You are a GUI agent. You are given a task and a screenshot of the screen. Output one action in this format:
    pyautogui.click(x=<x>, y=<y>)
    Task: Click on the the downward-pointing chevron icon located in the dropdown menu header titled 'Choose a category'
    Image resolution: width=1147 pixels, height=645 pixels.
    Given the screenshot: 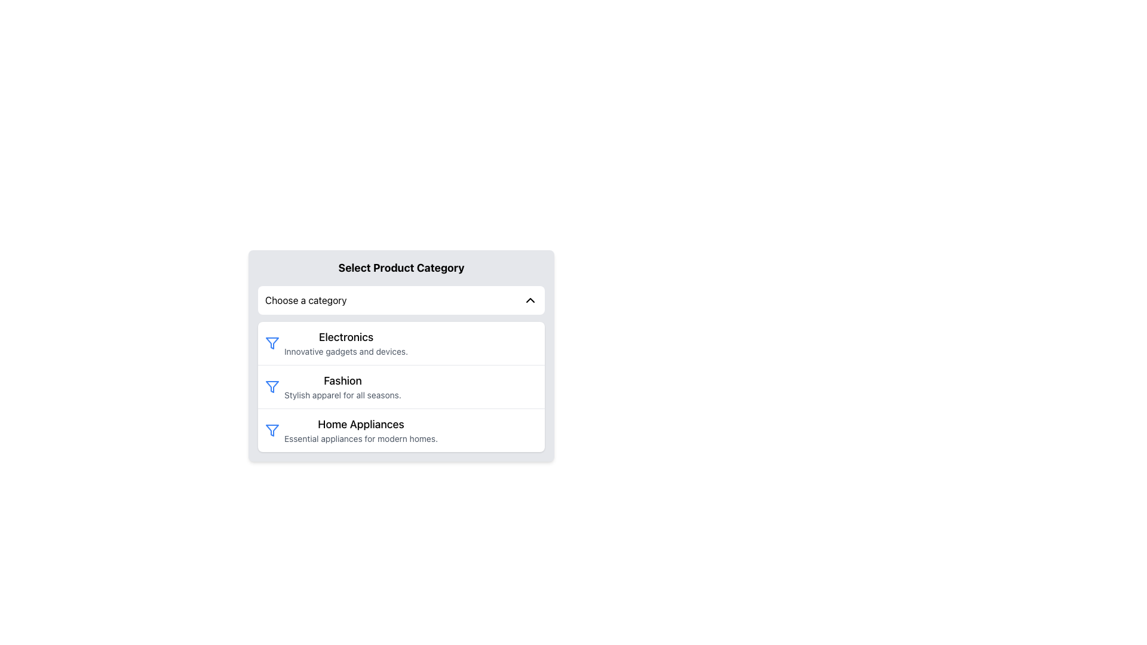 What is the action you would take?
    pyautogui.click(x=530, y=299)
    